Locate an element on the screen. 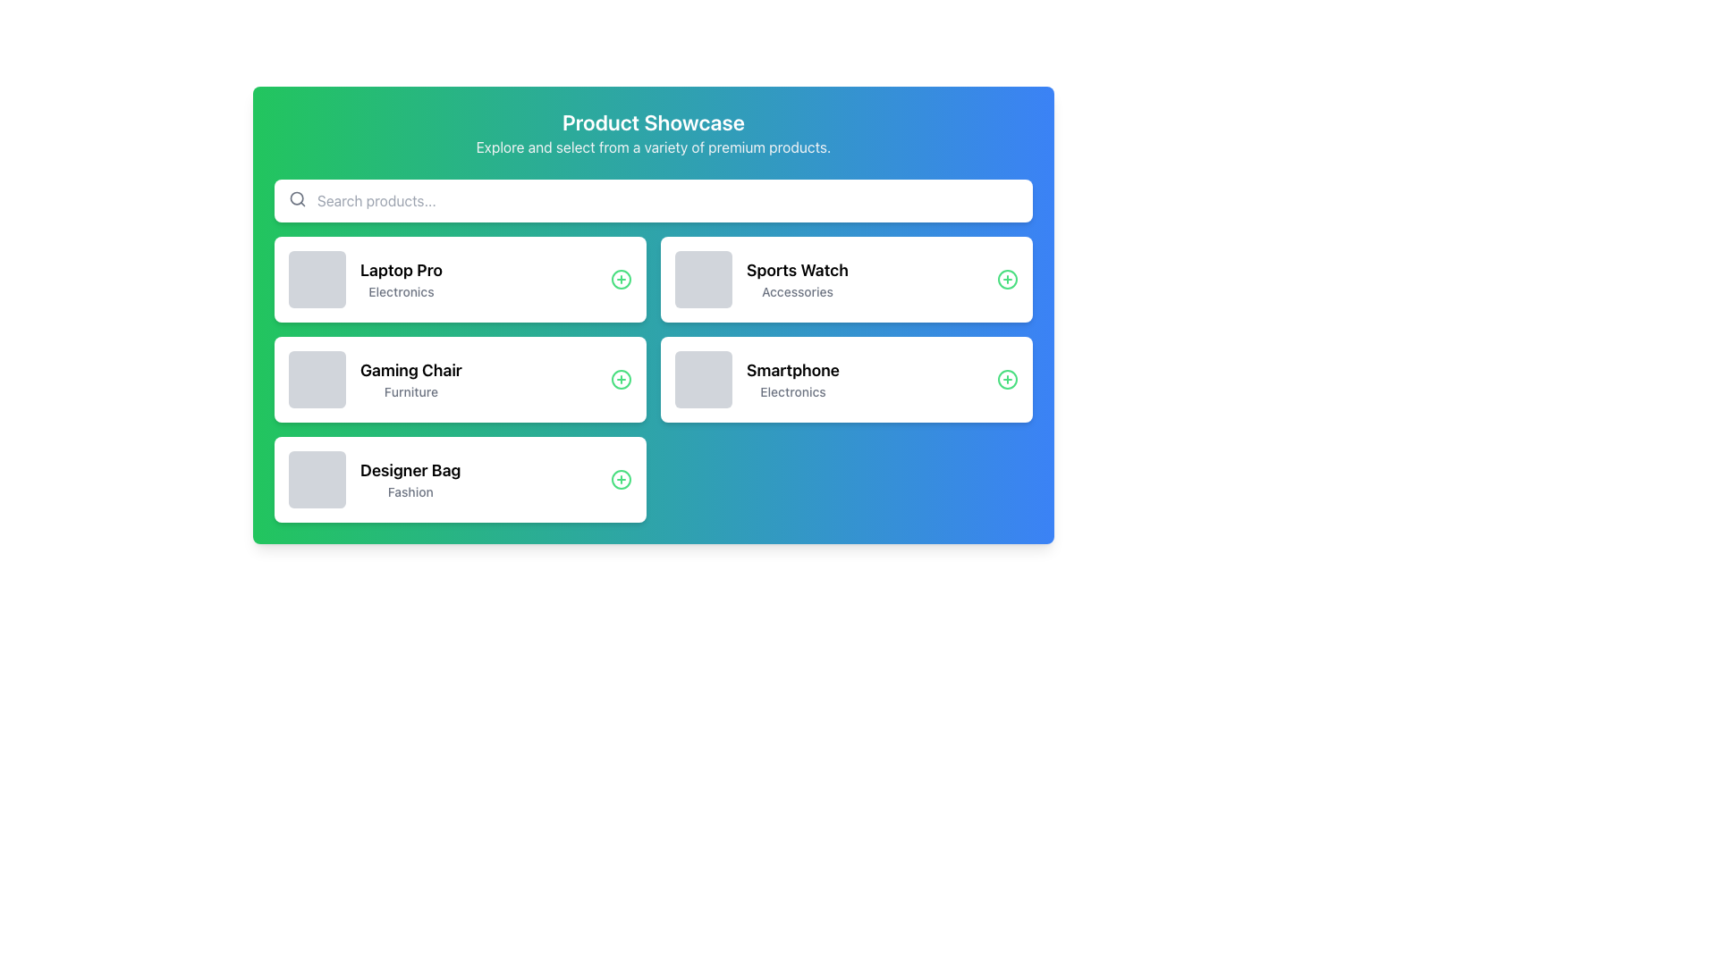  text content of the text label located in the last row of the first column in the product listing grid, below the 'Gaming Chair' card is located at coordinates (410, 478).